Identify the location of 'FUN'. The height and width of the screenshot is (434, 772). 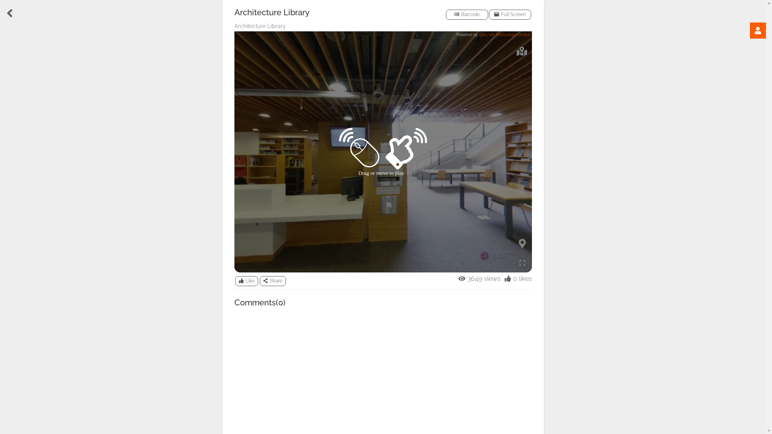
(19, 309).